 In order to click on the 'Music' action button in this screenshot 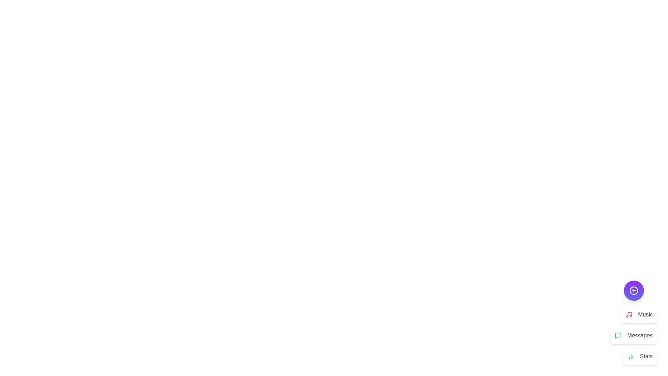, I will do `click(639, 314)`.